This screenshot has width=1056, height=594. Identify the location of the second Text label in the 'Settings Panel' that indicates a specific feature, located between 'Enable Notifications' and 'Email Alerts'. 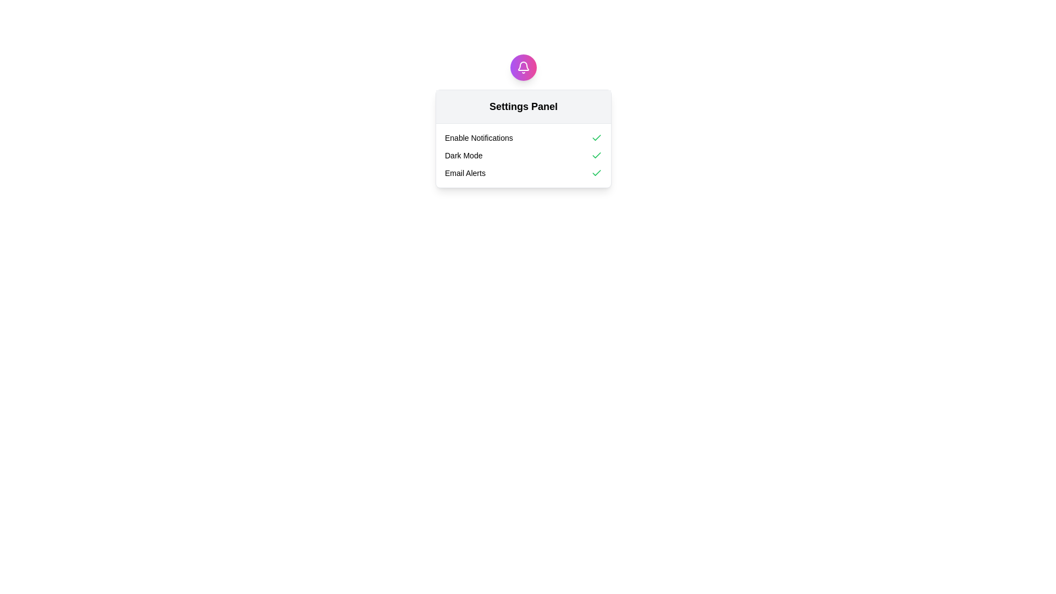
(464, 155).